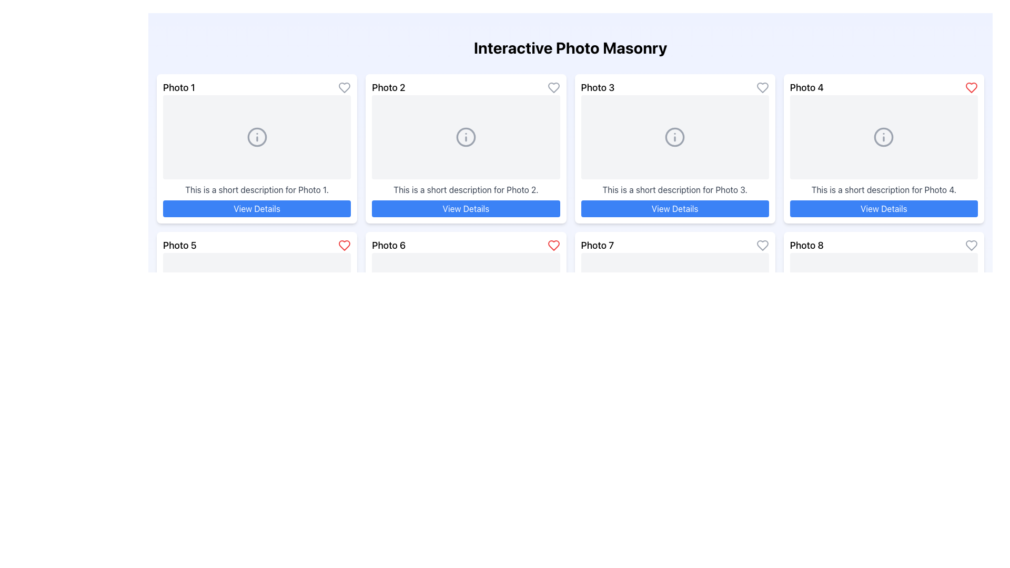 The height and width of the screenshot is (568, 1010). What do you see at coordinates (762, 87) in the screenshot?
I see `the heart icon in the top-right corner of the 'Photo 3' card` at bounding box center [762, 87].